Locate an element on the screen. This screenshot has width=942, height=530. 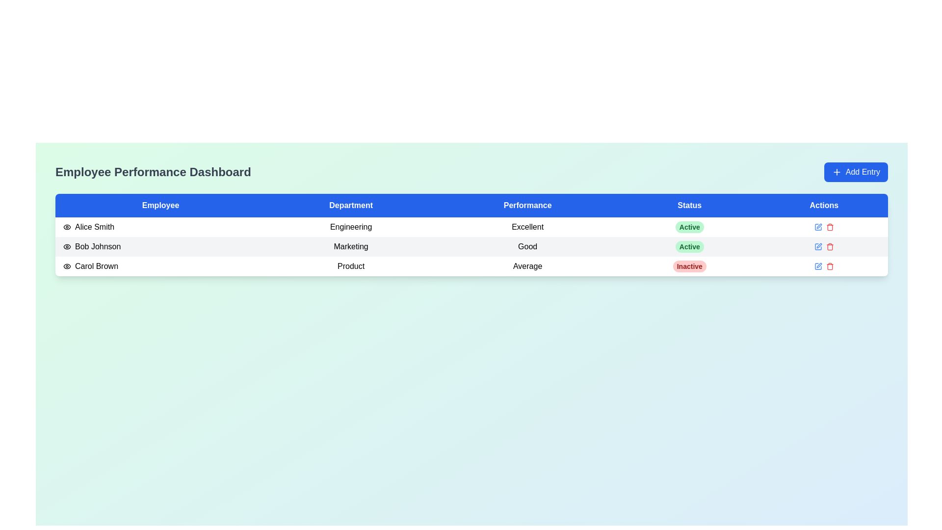
the Status badge for 'Alice Smith' in the table, which indicates the active status of the individual is located at coordinates (689, 227).